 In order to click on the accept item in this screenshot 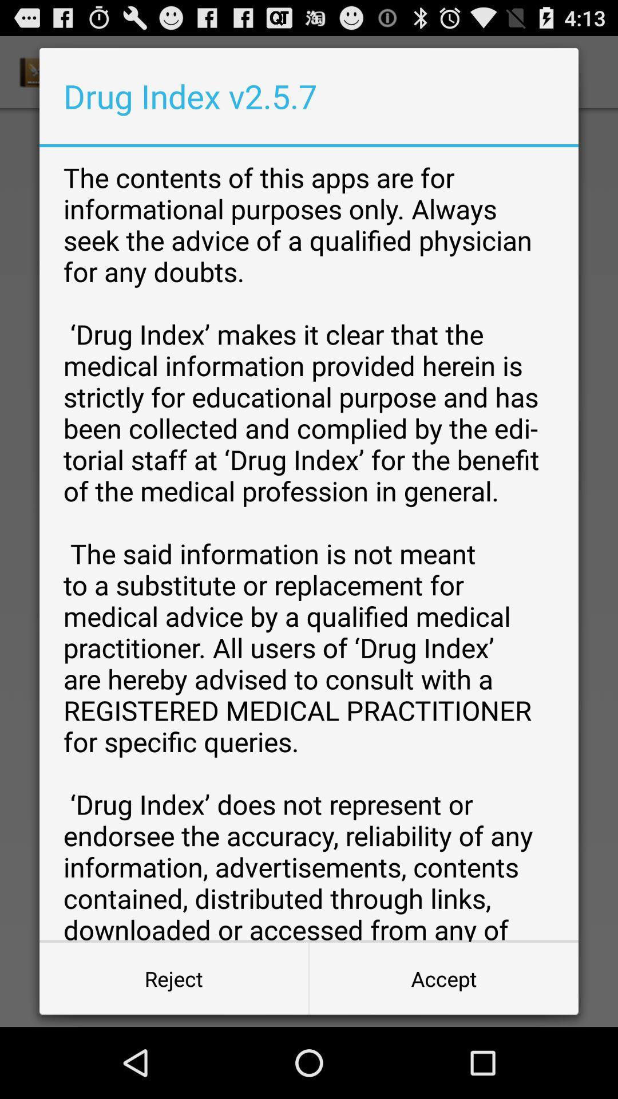, I will do `click(443, 978)`.